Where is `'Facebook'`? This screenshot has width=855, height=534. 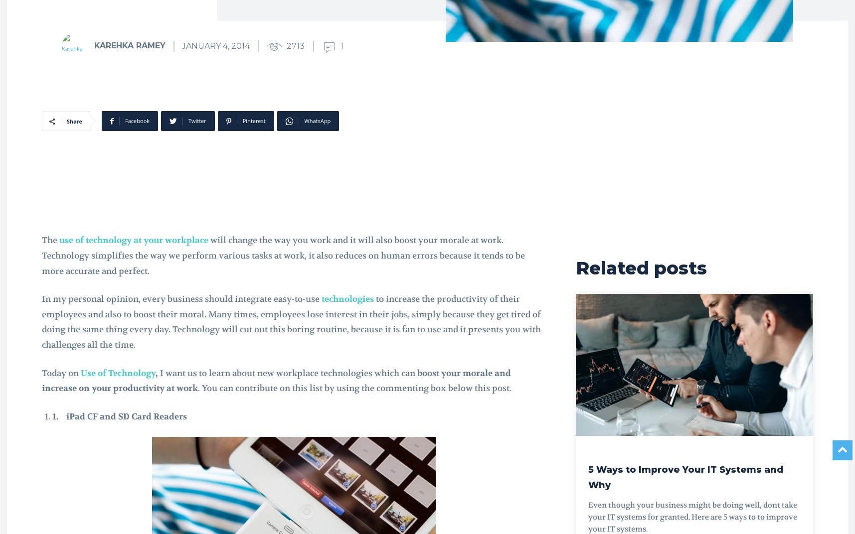
'Facebook' is located at coordinates (137, 121).